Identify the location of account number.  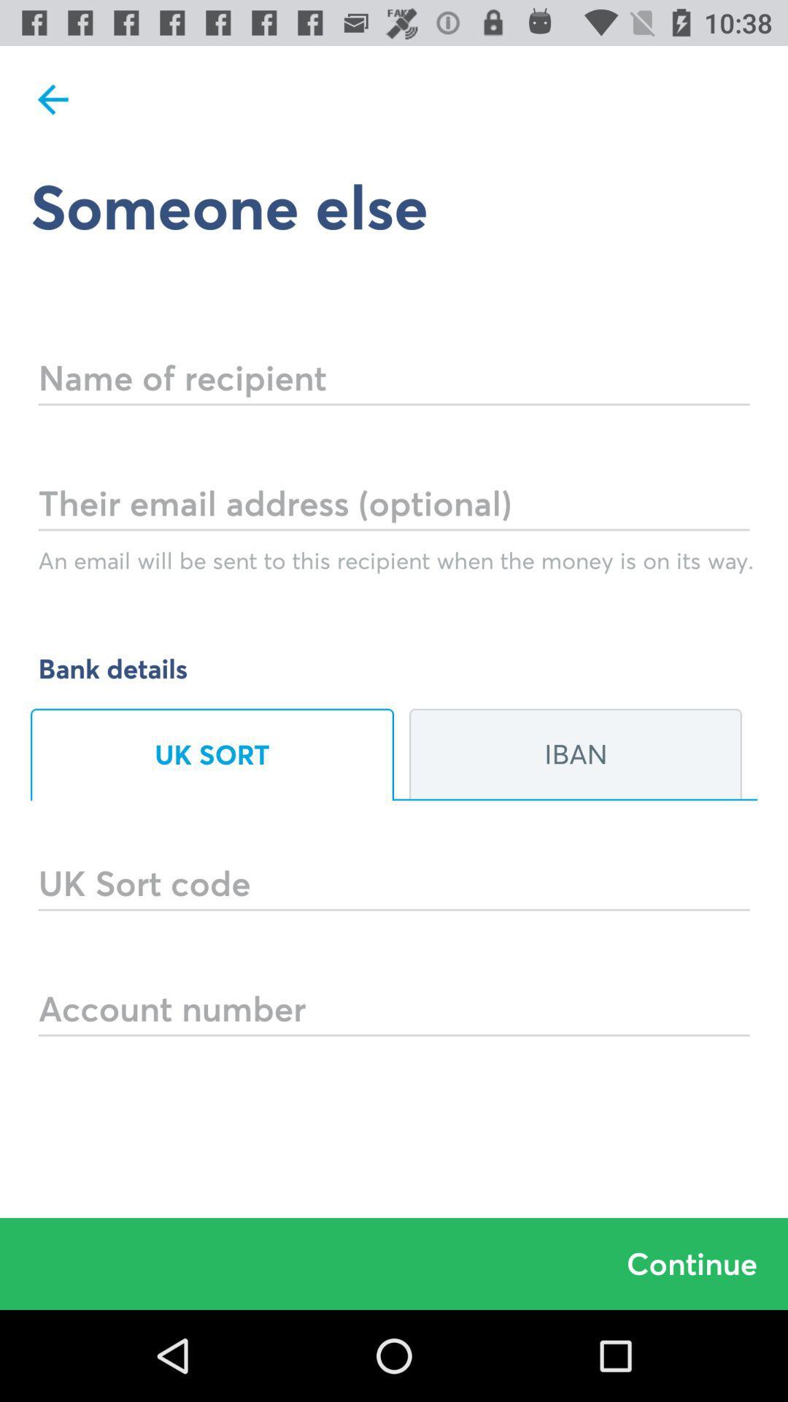
(394, 988).